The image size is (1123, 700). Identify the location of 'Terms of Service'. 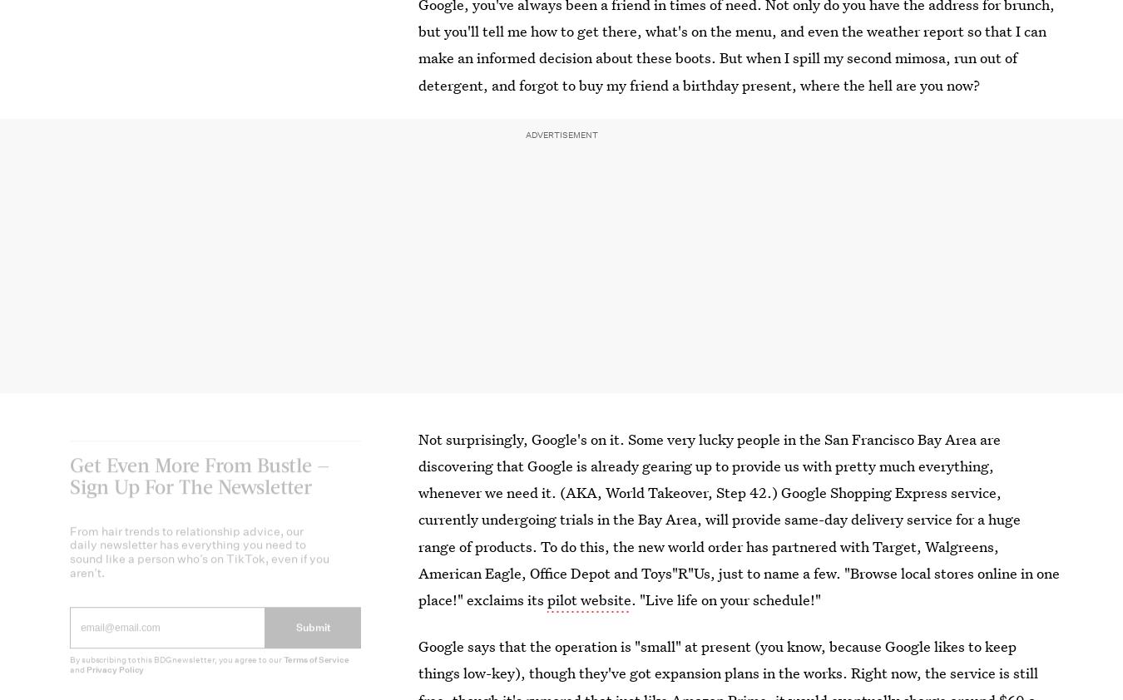
(316, 671).